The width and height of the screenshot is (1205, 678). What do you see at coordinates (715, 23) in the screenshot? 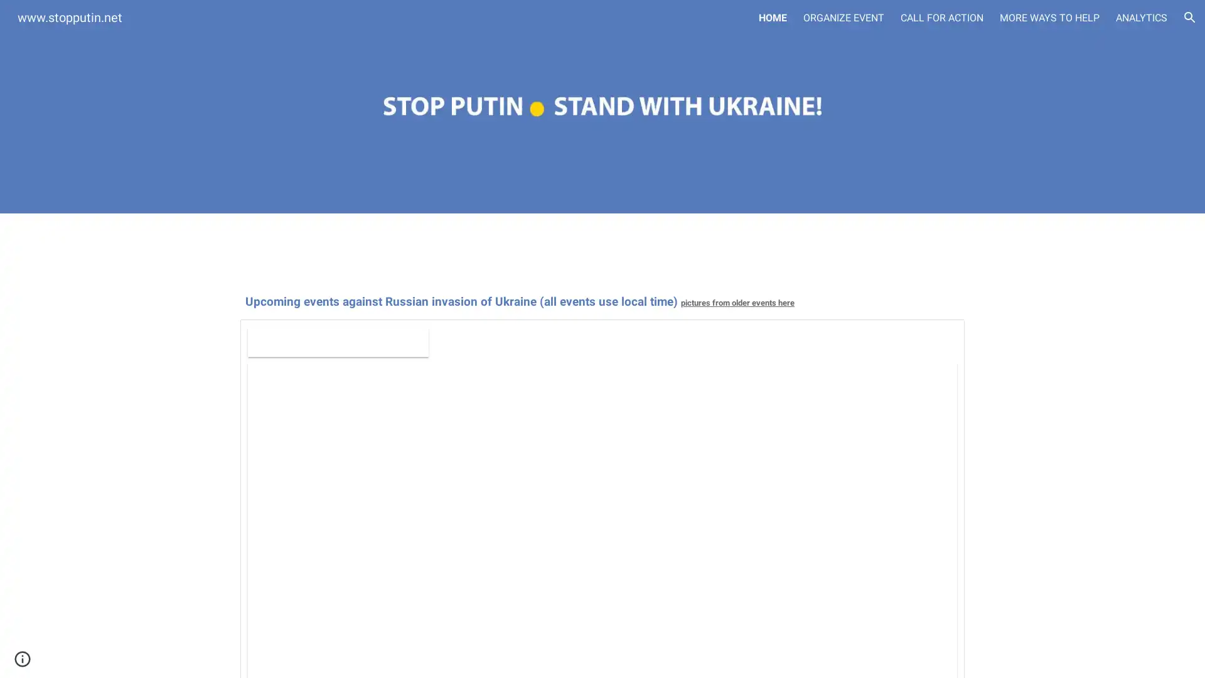
I see `Skip to navigation` at bounding box center [715, 23].